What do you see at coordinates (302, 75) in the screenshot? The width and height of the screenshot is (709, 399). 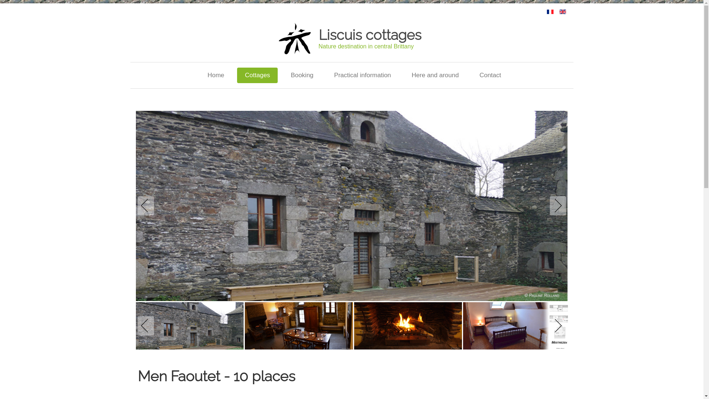 I see `'Booking'` at bounding box center [302, 75].